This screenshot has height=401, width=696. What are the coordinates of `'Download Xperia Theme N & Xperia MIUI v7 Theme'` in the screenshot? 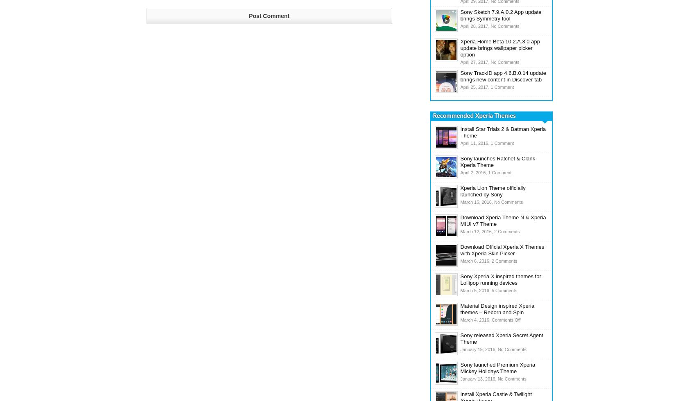 It's located at (502, 221).